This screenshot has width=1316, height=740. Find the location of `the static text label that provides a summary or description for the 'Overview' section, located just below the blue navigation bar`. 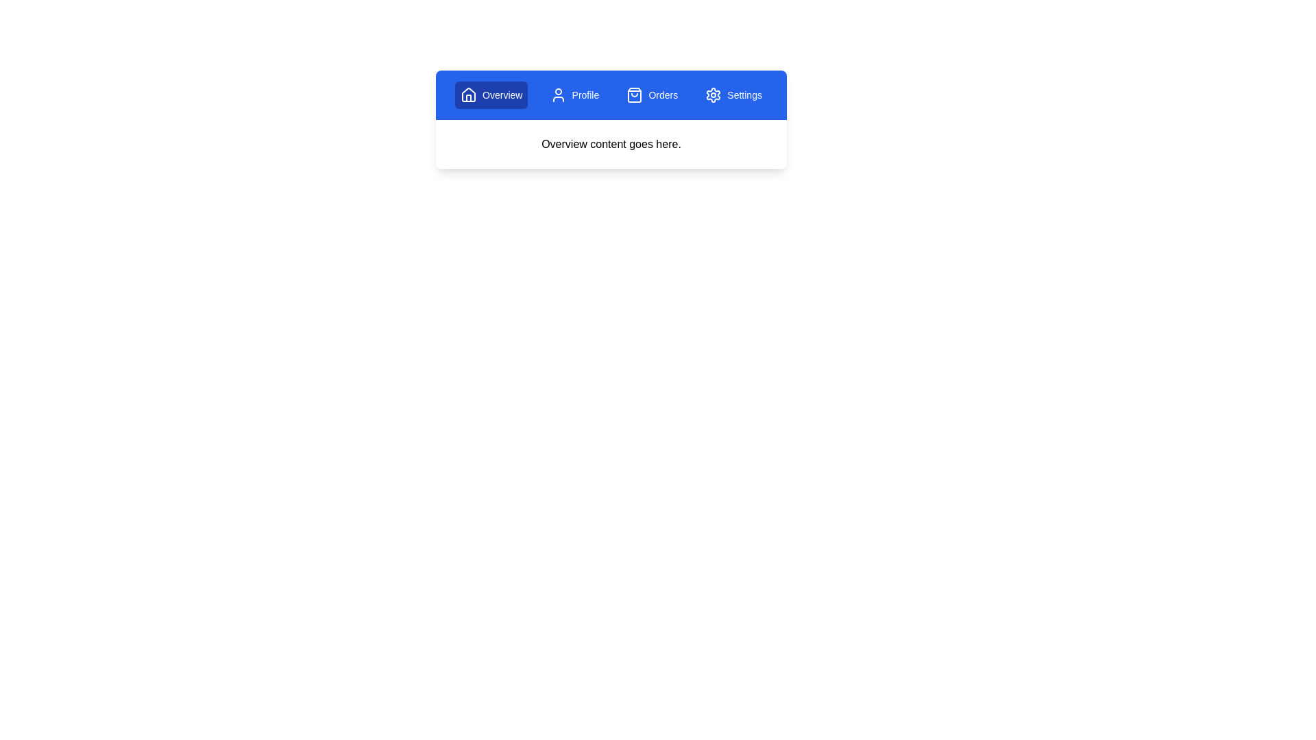

the static text label that provides a summary or description for the 'Overview' section, located just below the blue navigation bar is located at coordinates (611, 145).